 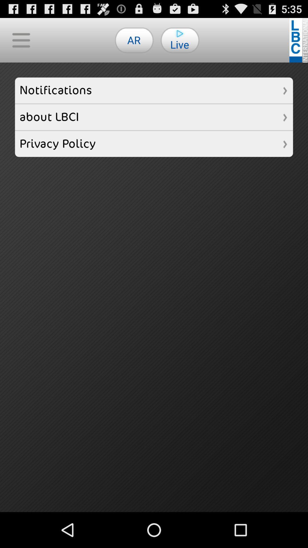 I want to click on notifications icon, so click(x=154, y=90).